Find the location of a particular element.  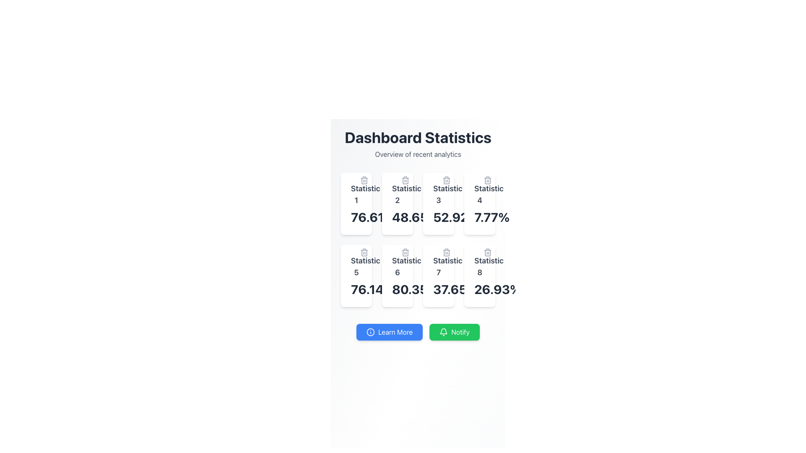

the Trash can icon located at the top right corner of the card labeled 'Statistic 3' with the value '52.92%' to change its color indicating interactivity is located at coordinates (446, 180).